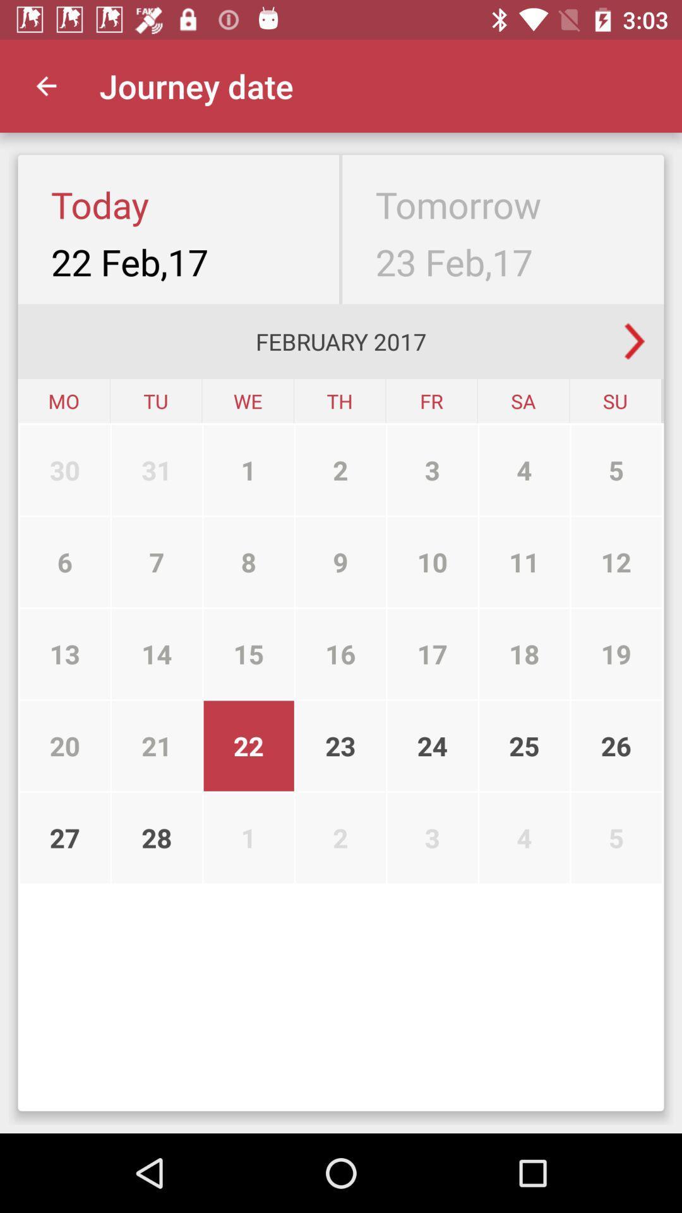 This screenshot has width=682, height=1213. Describe the element at coordinates (156, 561) in the screenshot. I see `icon next to 1 item` at that location.